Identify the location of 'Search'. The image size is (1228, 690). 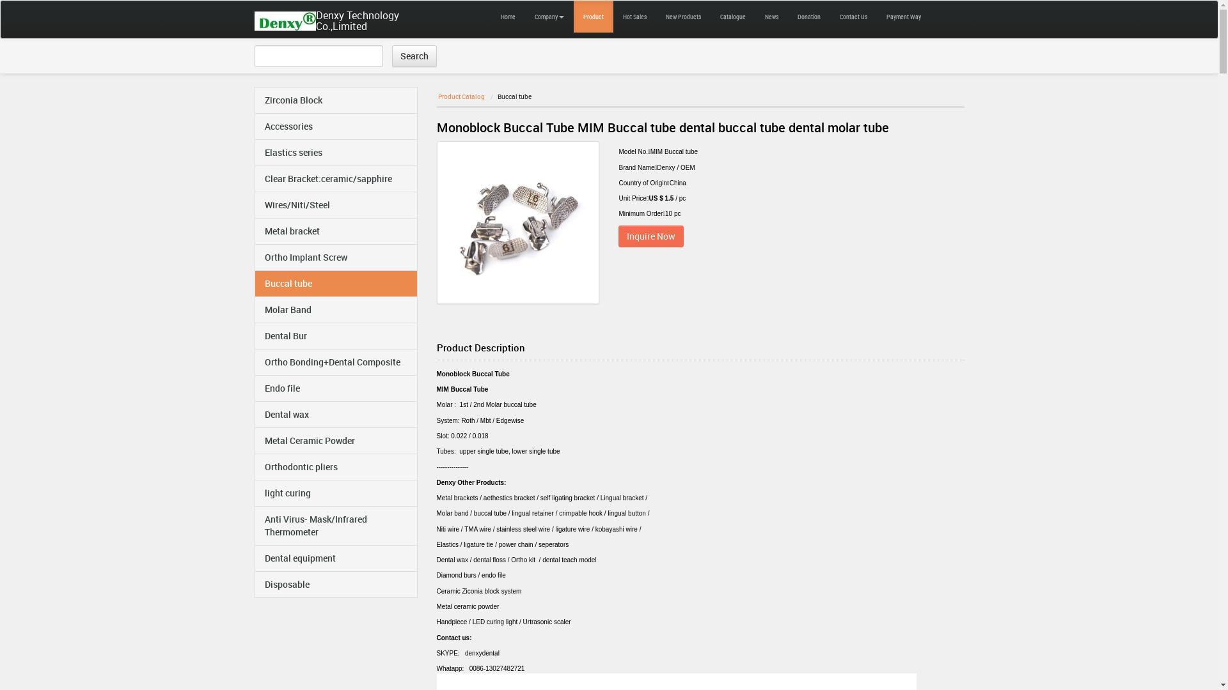
(414, 56).